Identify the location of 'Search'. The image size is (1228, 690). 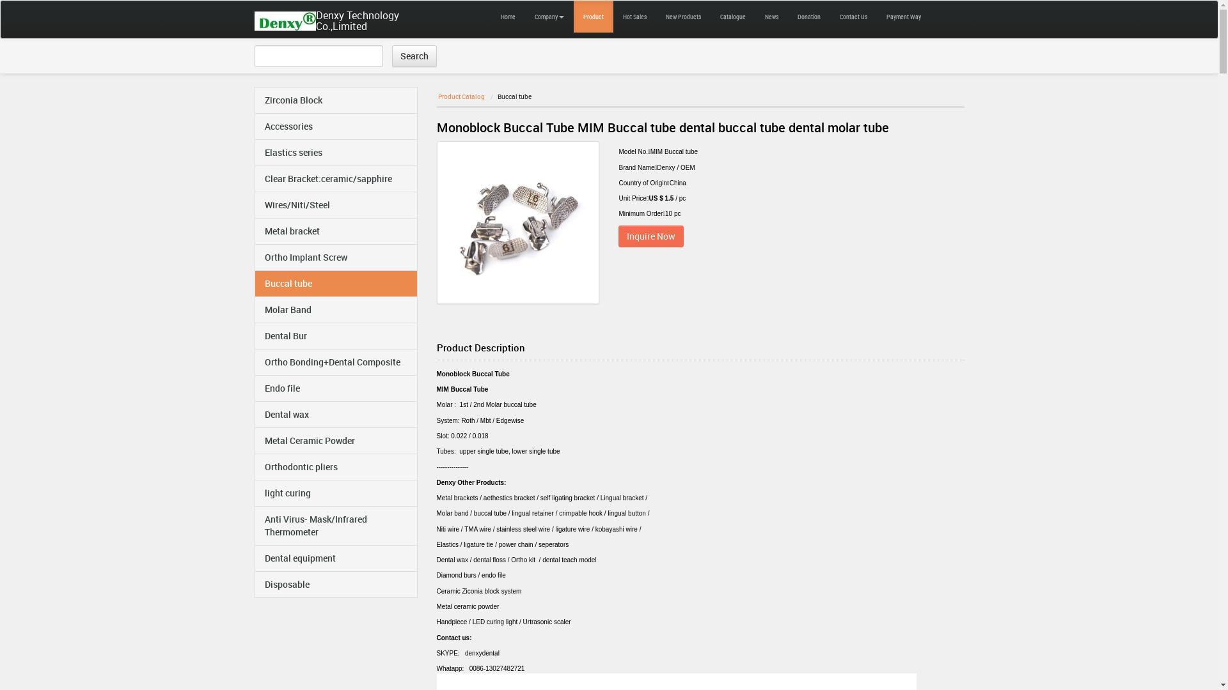
(414, 56).